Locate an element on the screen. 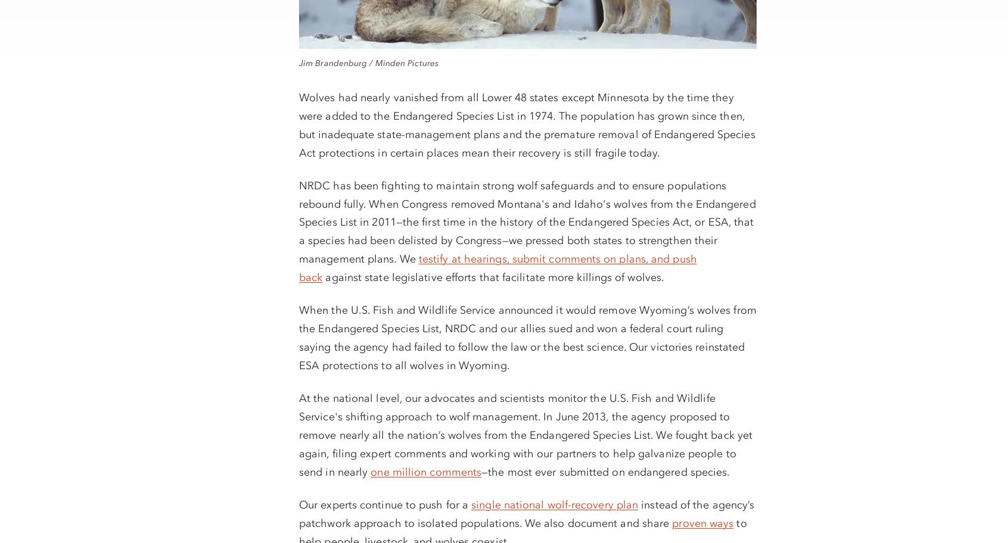 This screenshot has height=543, width=1008. '—the most ever submitted on endangered species.' is located at coordinates (481, 471).